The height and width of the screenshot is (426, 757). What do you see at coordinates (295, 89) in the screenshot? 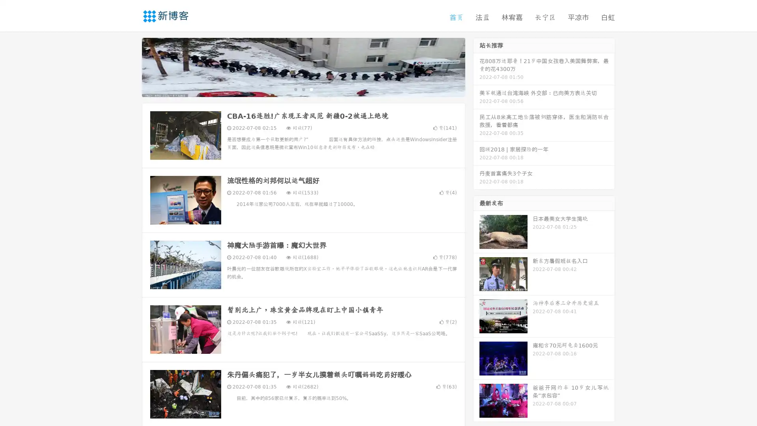
I see `Go to slide 1` at bounding box center [295, 89].